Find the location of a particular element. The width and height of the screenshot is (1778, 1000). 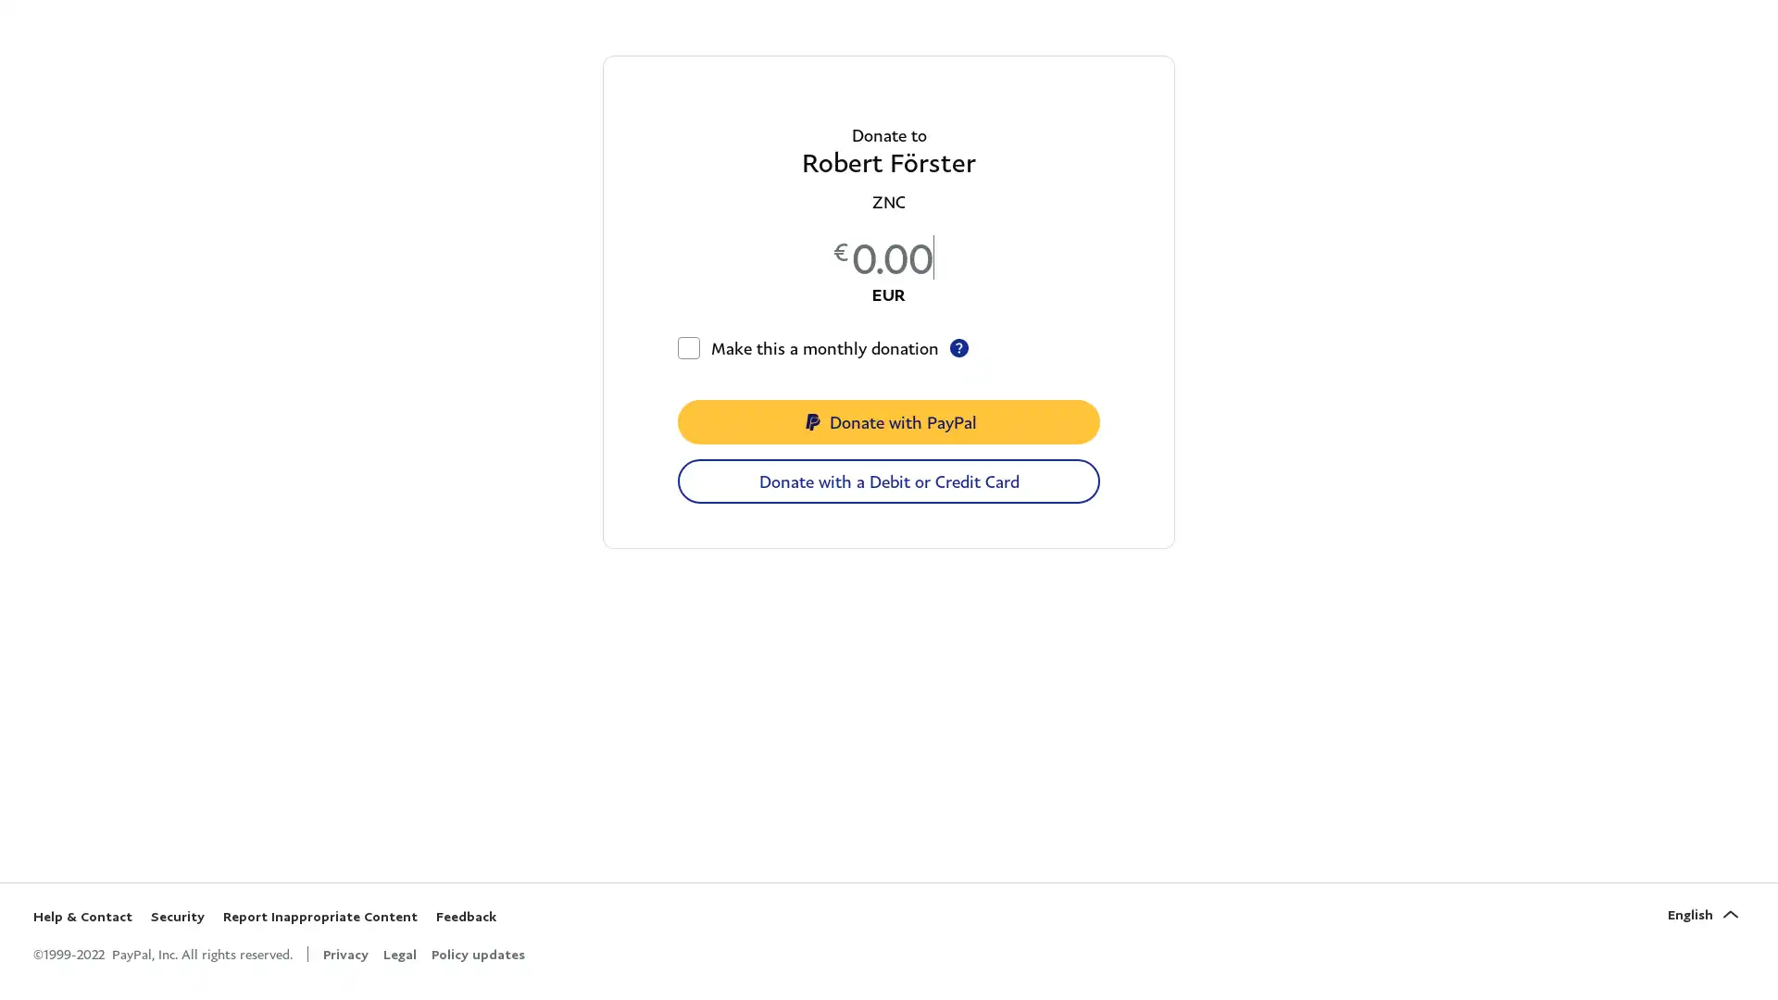

English is located at coordinates (1705, 913).